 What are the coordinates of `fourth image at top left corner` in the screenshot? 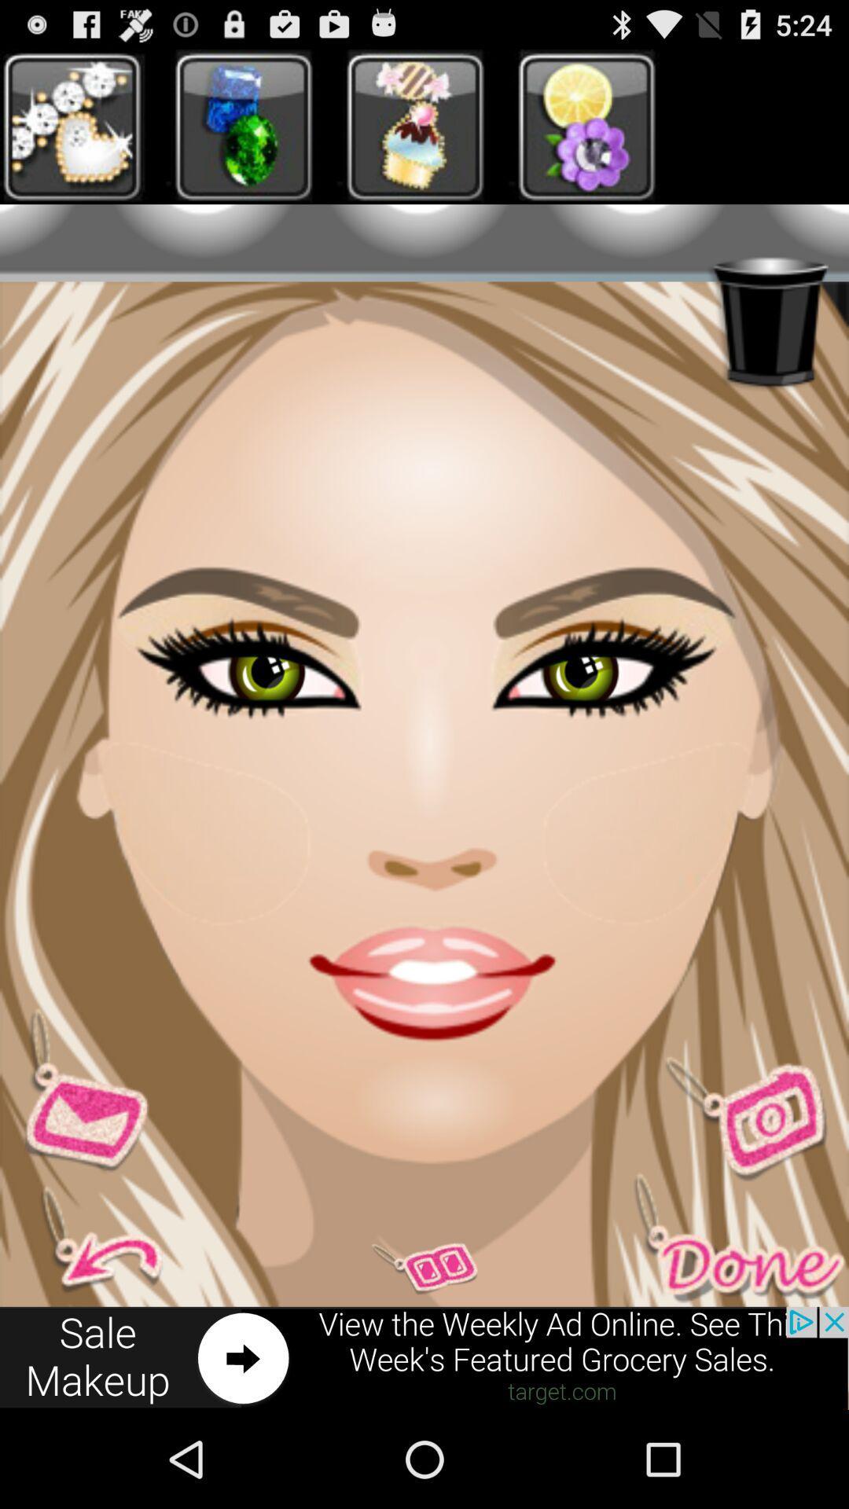 It's located at (587, 127).